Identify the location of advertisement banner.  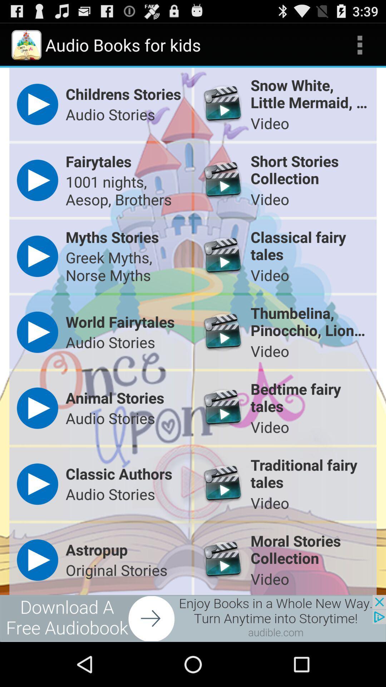
(193, 618).